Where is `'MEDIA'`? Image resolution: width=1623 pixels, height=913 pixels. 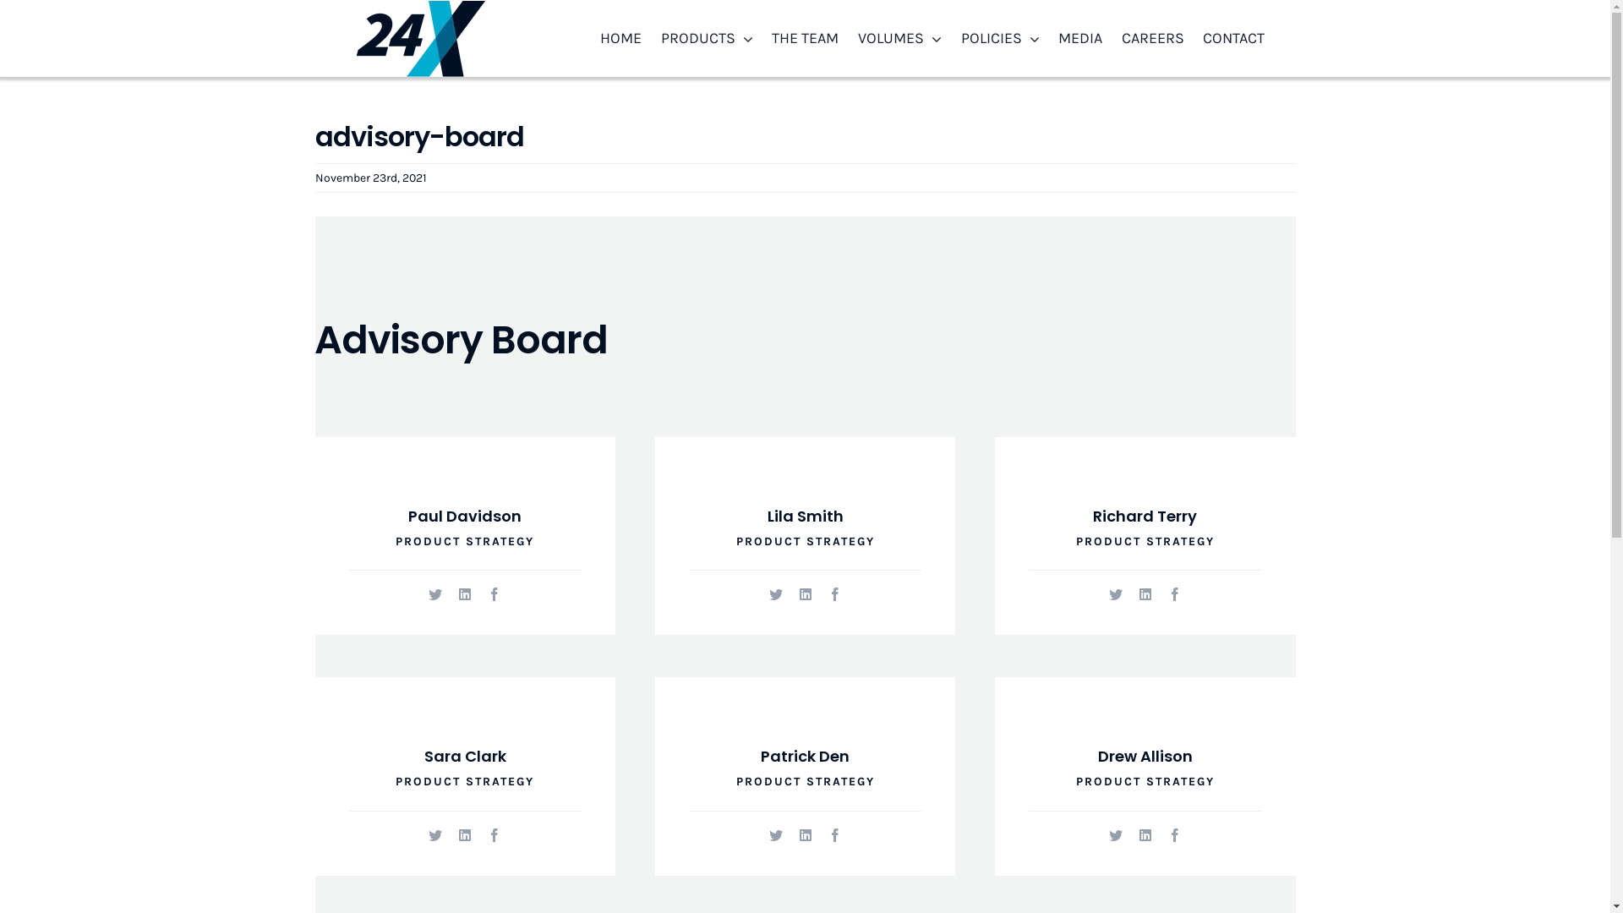
'MEDIA' is located at coordinates (1079, 38).